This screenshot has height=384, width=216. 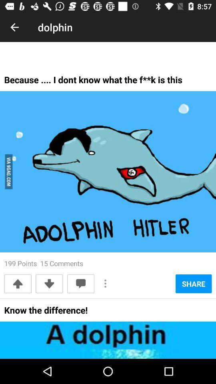 I want to click on the icon next to dolphin item, so click(x=14, y=27).